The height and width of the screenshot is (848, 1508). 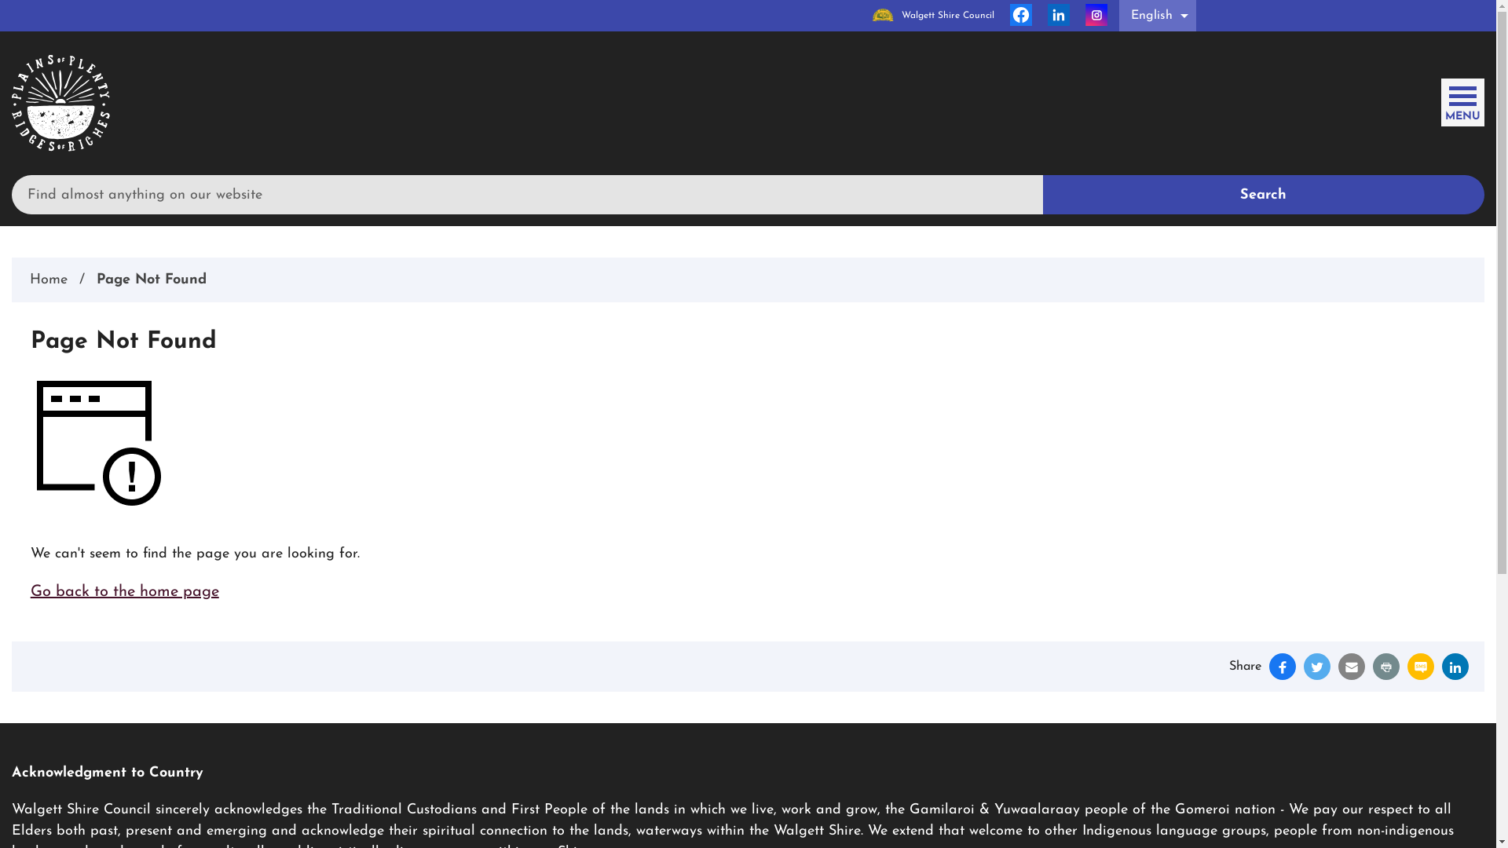 What do you see at coordinates (1085, 15) in the screenshot?
I see `'Instagram'` at bounding box center [1085, 15].